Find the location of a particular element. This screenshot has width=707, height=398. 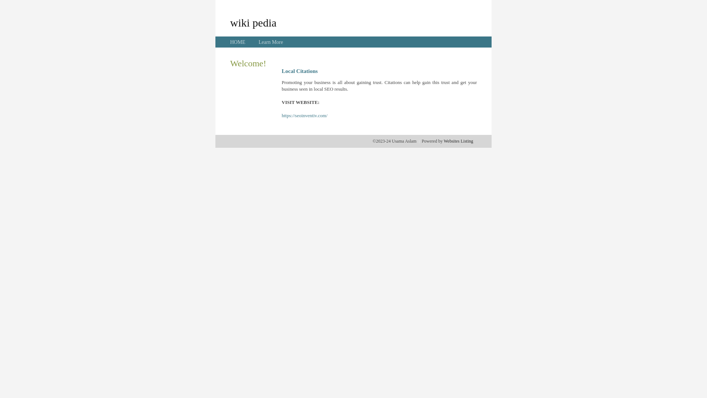

'Learn More' is located at coordinates (270, 42).